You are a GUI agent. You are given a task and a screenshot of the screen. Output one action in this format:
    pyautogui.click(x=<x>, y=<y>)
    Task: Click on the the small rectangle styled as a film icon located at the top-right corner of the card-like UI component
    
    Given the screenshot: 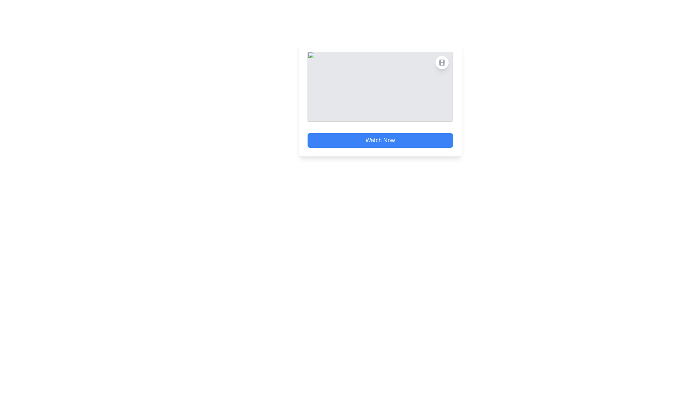 What is the action you would take?
    pyautogui.click(x=441, y=62)
    